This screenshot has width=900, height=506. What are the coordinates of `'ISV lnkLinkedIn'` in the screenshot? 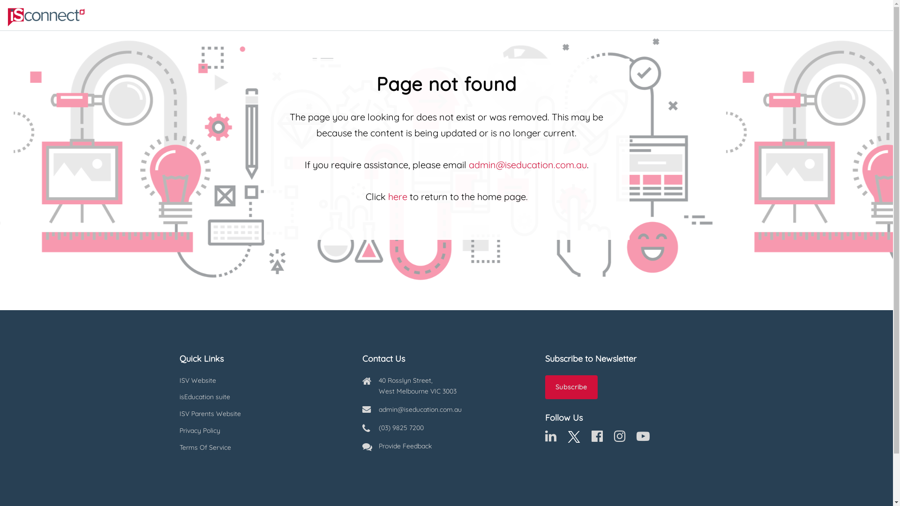 It's located at (550, 439).